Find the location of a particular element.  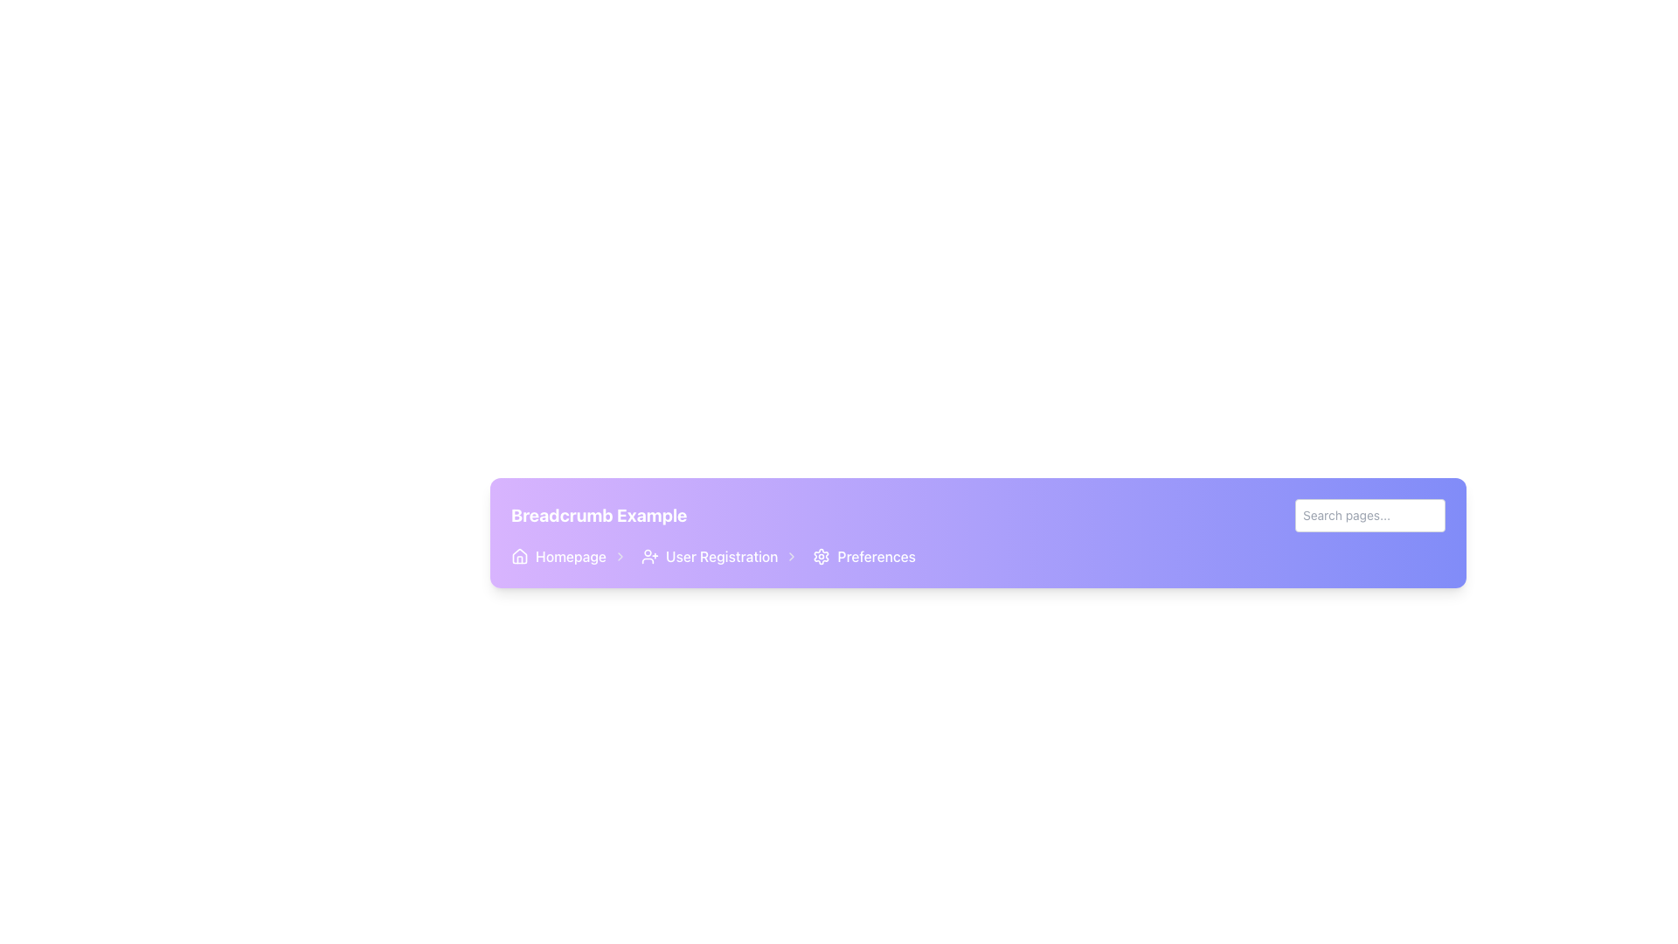

the settings icon located in the top-right section of the user interface, adjacent to the 'Preferences' breadcrumb is located at coordinates (821, 556).